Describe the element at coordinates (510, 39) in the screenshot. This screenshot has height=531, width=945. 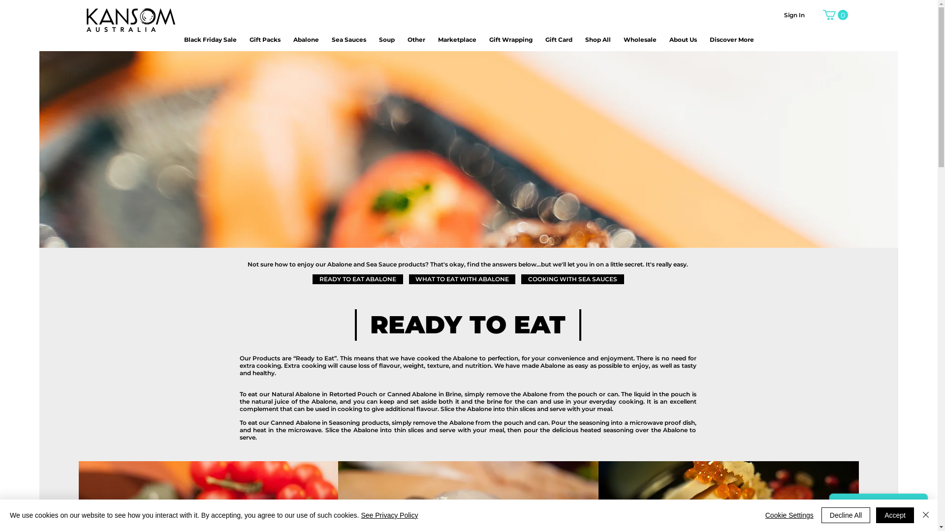
I see `'Gift Wrapping'` at that location.